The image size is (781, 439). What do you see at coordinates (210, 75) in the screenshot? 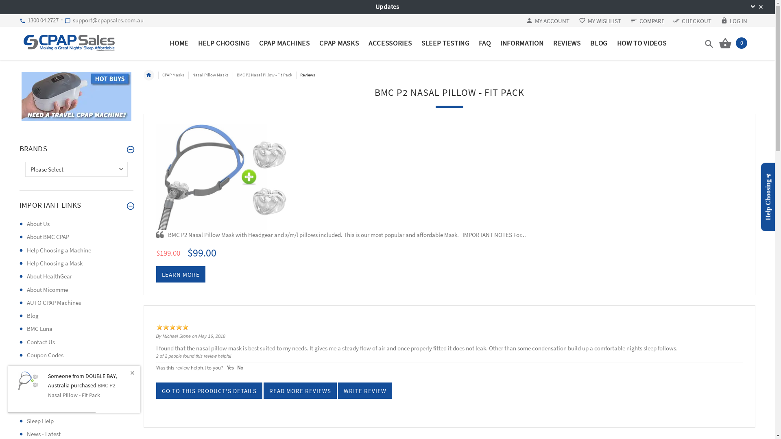
I see `'Nasal Pillow Masks'` at bounding box center [210, 75].